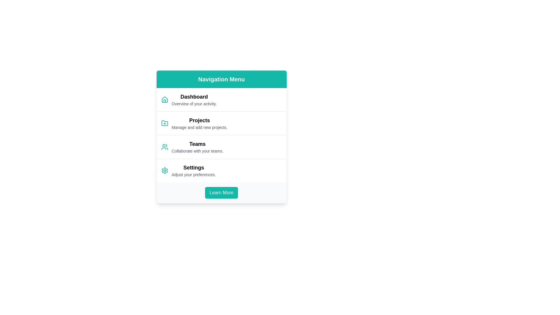 The image size is (560, 315). Describe the element at coordinates (164, 171) in the screenshot. I see `the primary cogwheel icon in the 'Settings' menu` at that location.